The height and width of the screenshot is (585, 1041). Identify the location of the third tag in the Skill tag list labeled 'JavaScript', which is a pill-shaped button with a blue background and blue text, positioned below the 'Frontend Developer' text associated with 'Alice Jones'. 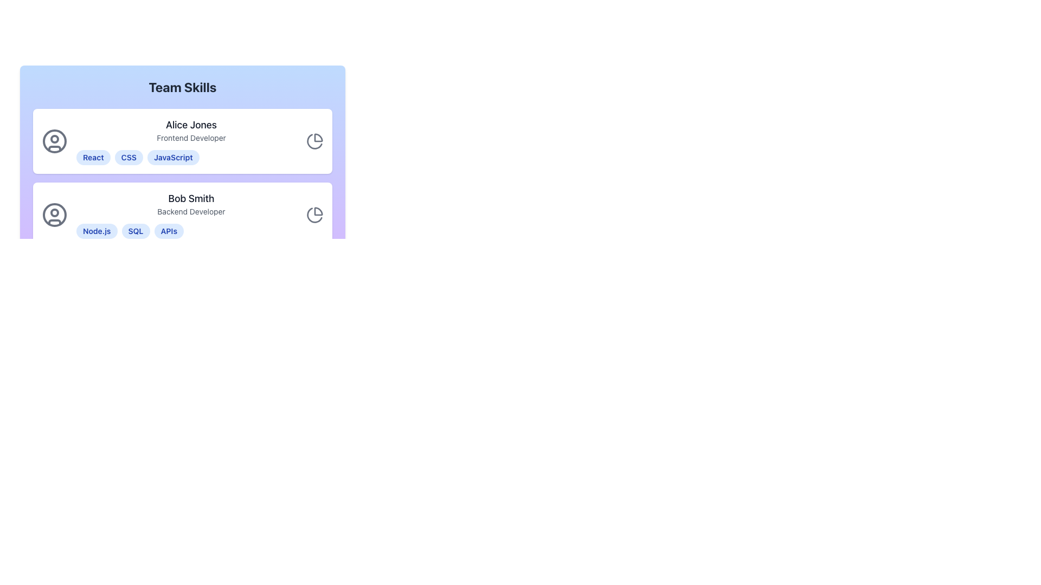
(191, 157).